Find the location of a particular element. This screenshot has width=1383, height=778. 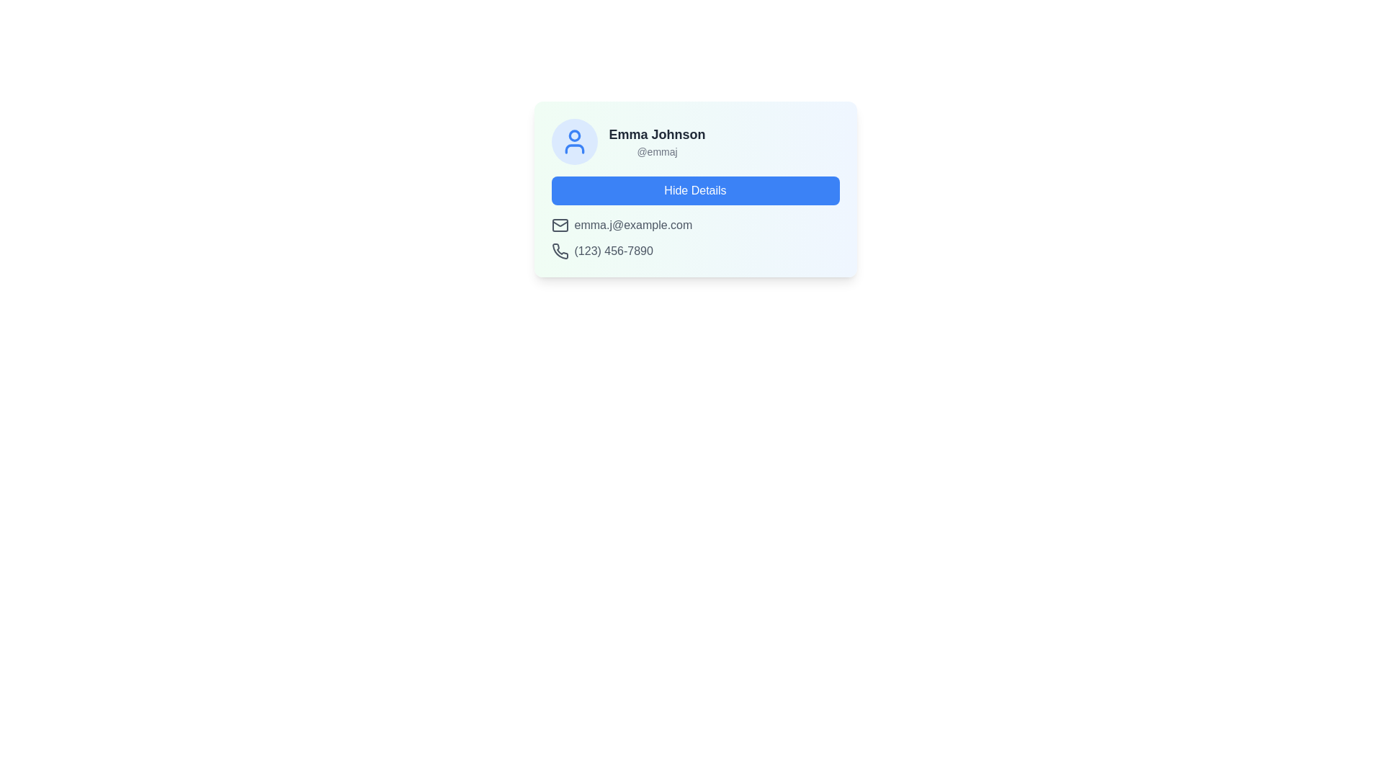

the email address icon that indicates 'emma.j@example.com' as an identifier by interacting with its center point is located at coordinates (559, 225).